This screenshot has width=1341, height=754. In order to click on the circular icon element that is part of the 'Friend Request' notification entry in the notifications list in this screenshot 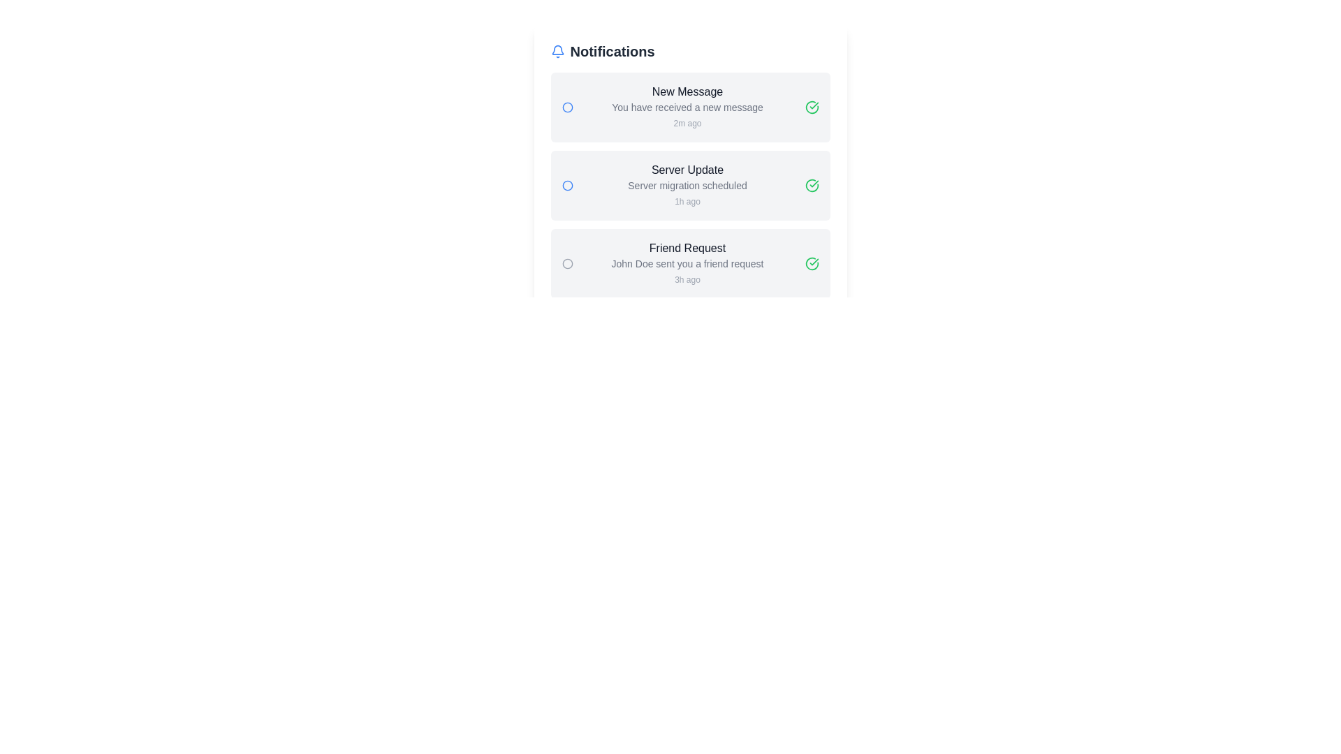, I will do `click(812, 264)`.